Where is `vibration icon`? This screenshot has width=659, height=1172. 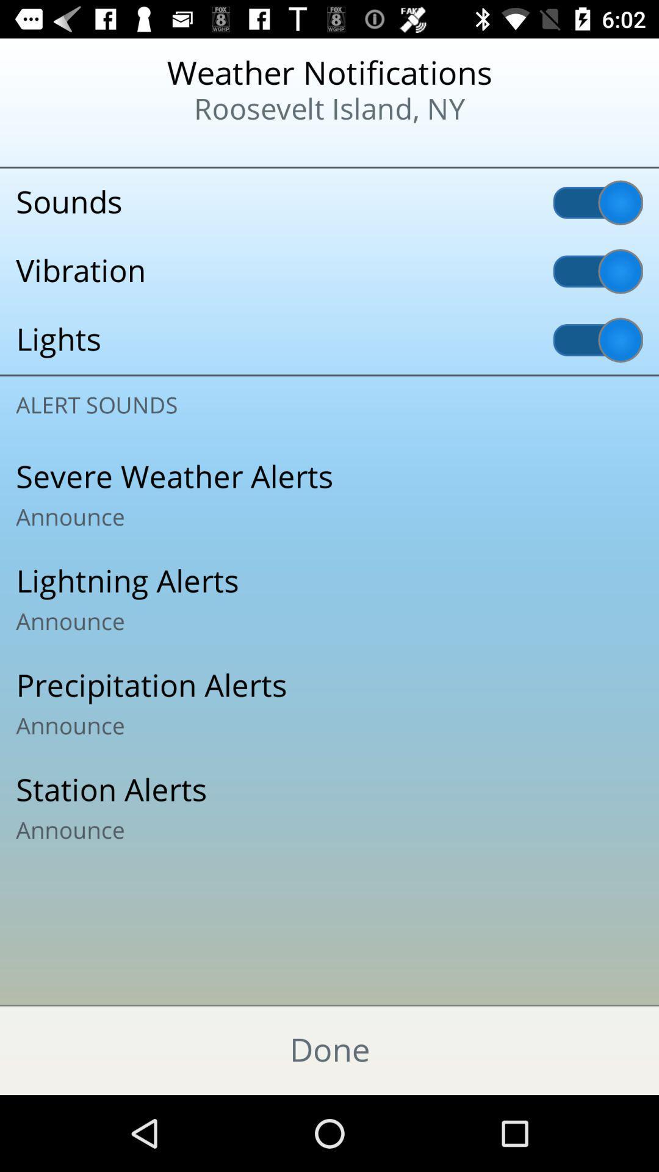 vibration icon is located at coordinates (329, 270).